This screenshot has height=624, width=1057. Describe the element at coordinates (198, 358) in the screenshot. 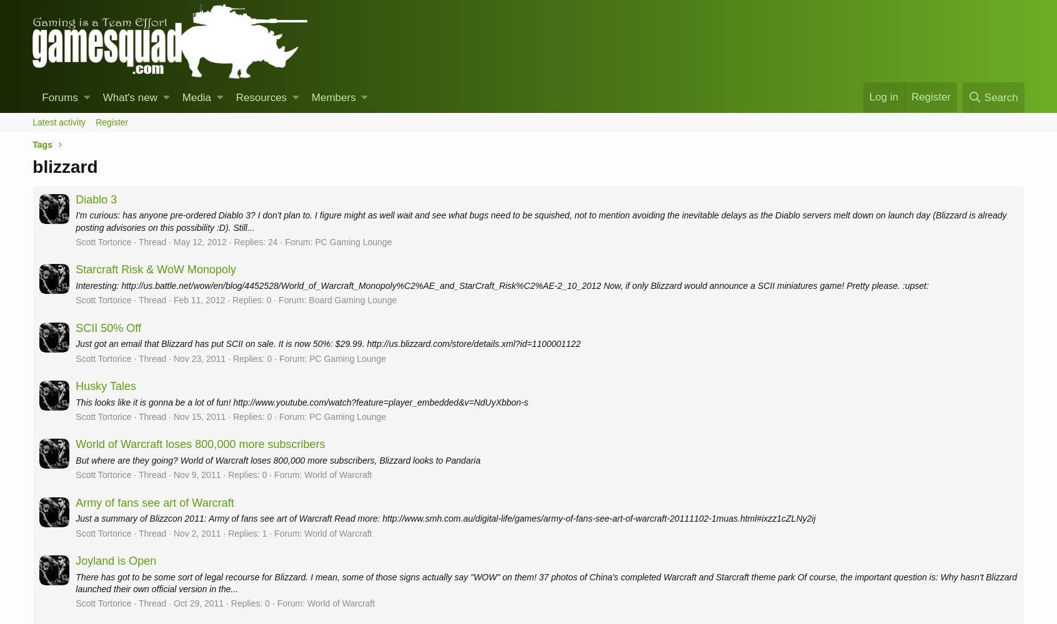

I see `'Nov 23, 2011'` at that location.